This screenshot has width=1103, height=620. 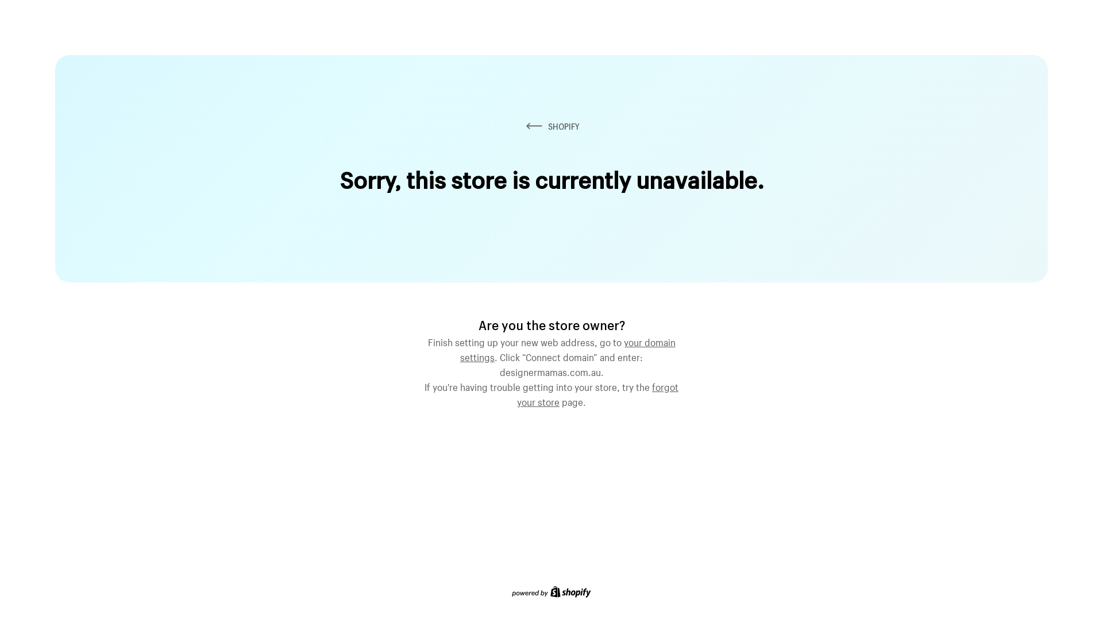 What do you see at coordinates (597, 393) in the screenshot?
I see `'forgot your store'` at bounding box center [597, 393].